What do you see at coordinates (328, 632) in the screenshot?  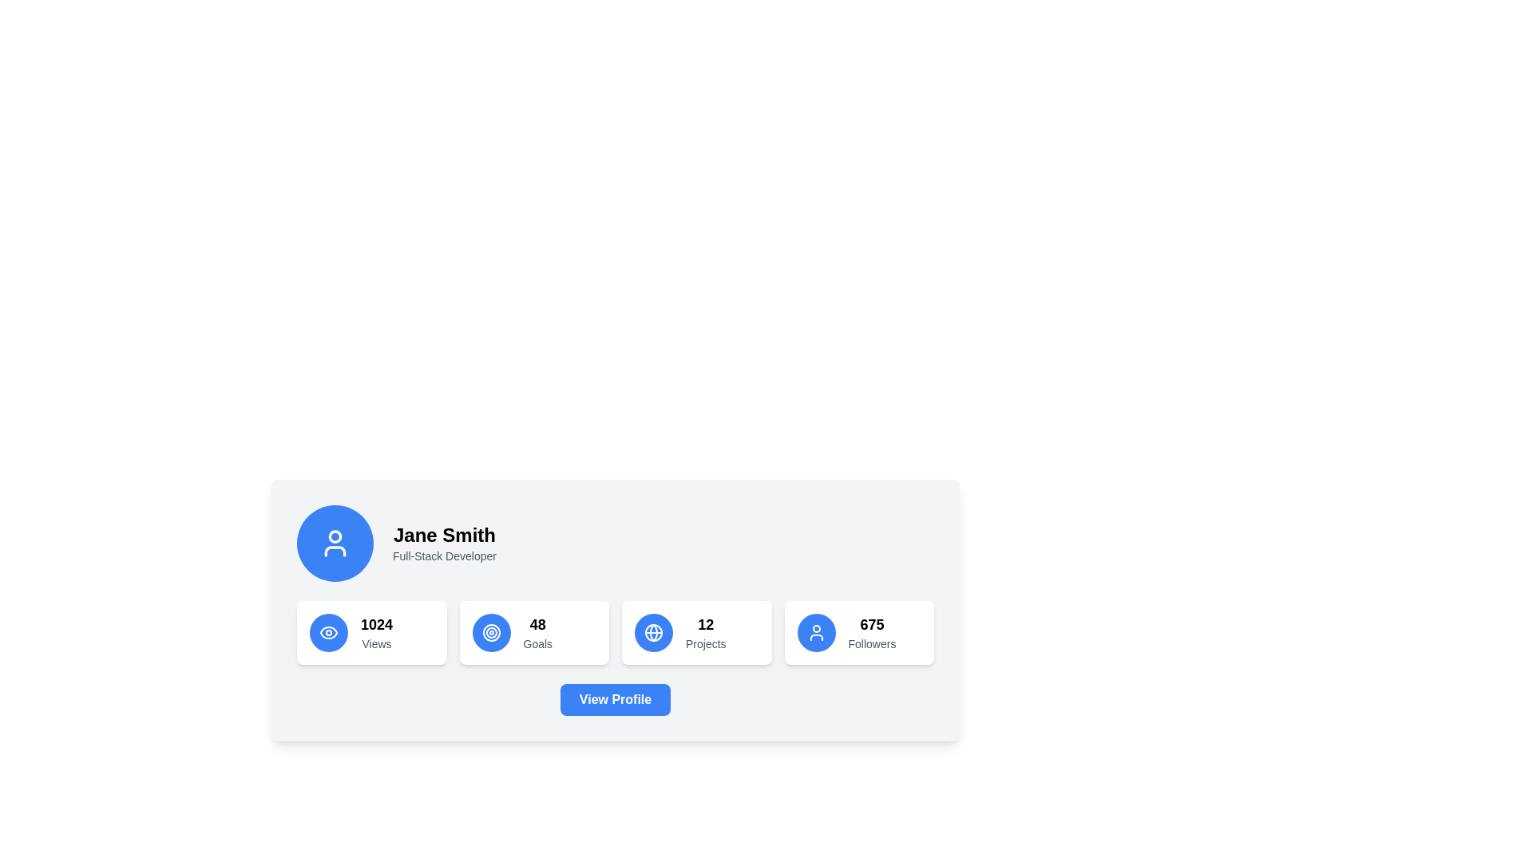 I see `the circular button with a blue background and a white eye icon, located in the first position within the 'Views' section, to the left of the numerical text '1024 Views'` at bounding box center [328, 632].